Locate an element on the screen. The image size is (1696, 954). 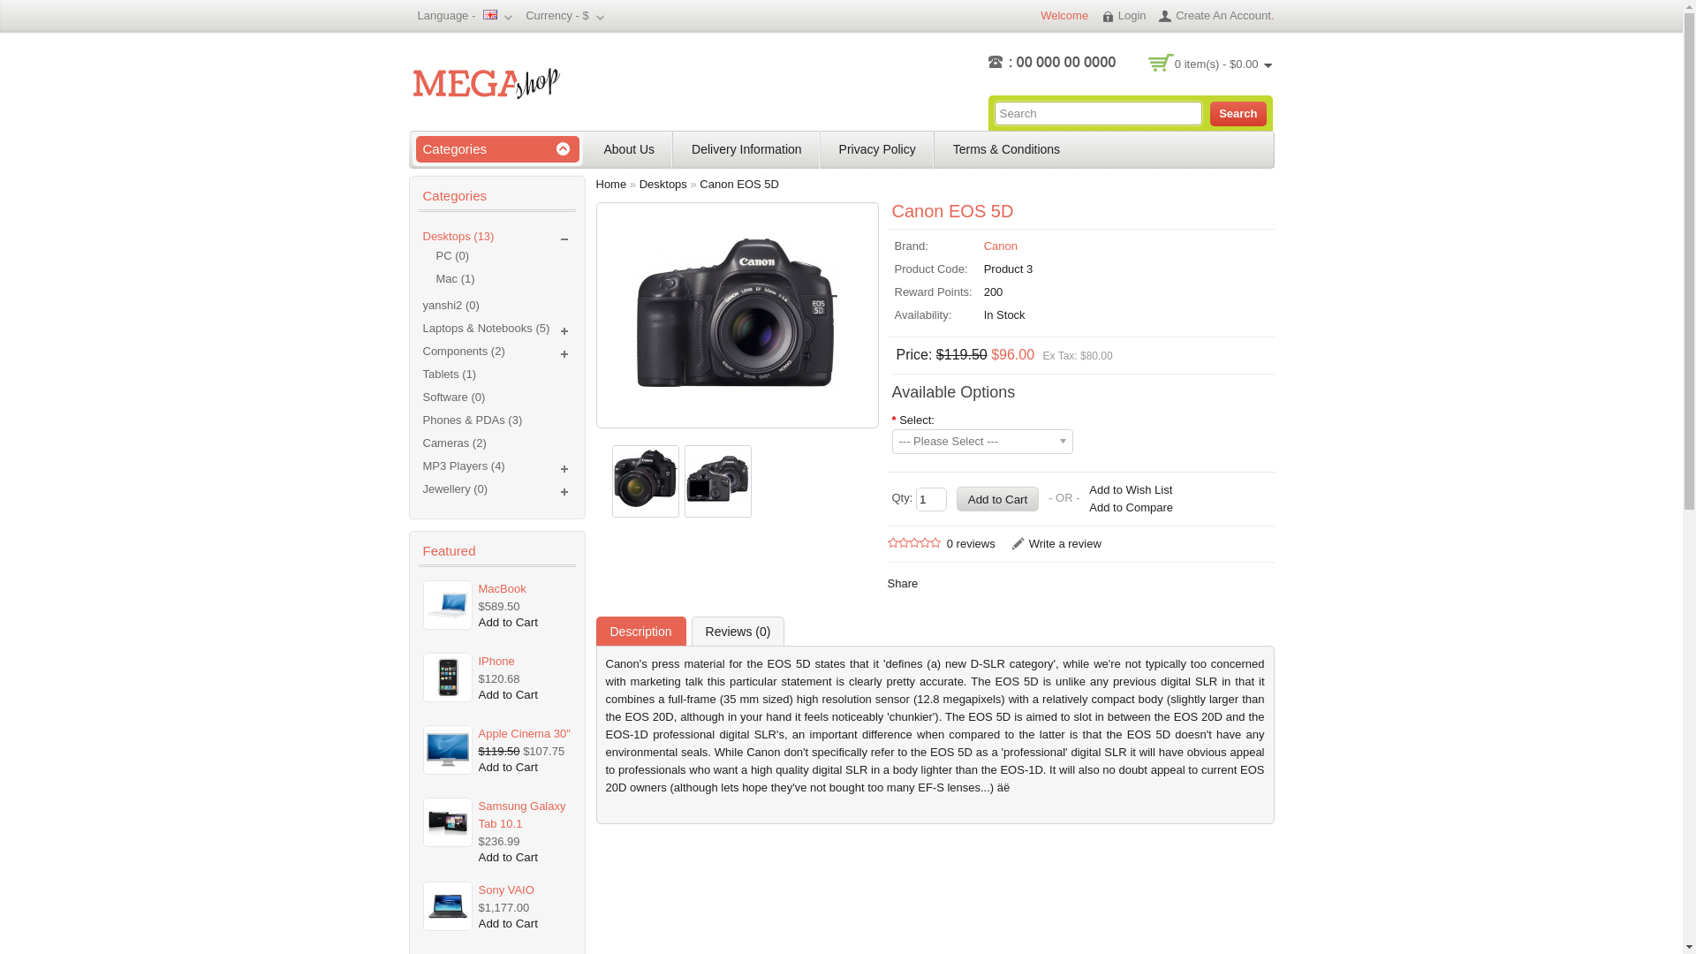
'Apple Cinema 30"' is located at coordinates (523, 733).